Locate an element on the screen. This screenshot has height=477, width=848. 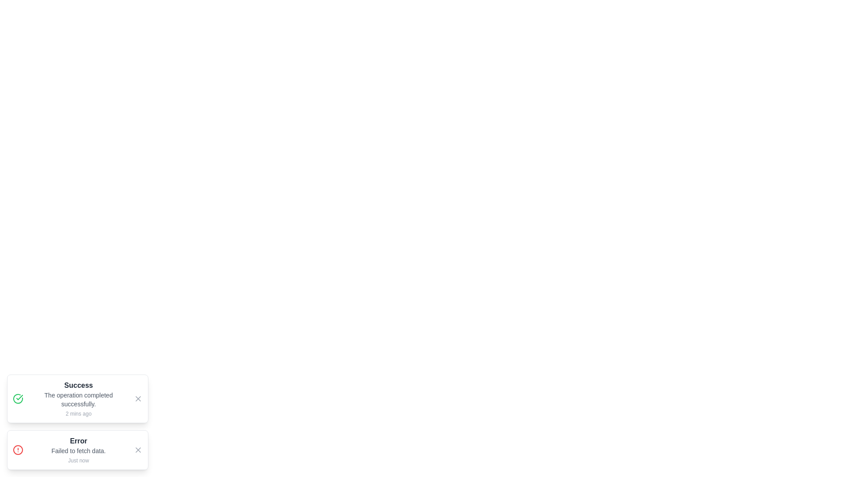
the static text element that serves as the title of the error notification message, located at the top of the message card above the descriptive text 'Failed to fetch data.' is located at coordinates (78, 441).